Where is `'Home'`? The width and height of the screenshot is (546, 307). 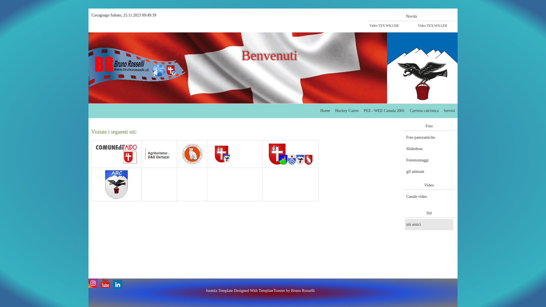
'Home' is located at coordinates (325, 111).